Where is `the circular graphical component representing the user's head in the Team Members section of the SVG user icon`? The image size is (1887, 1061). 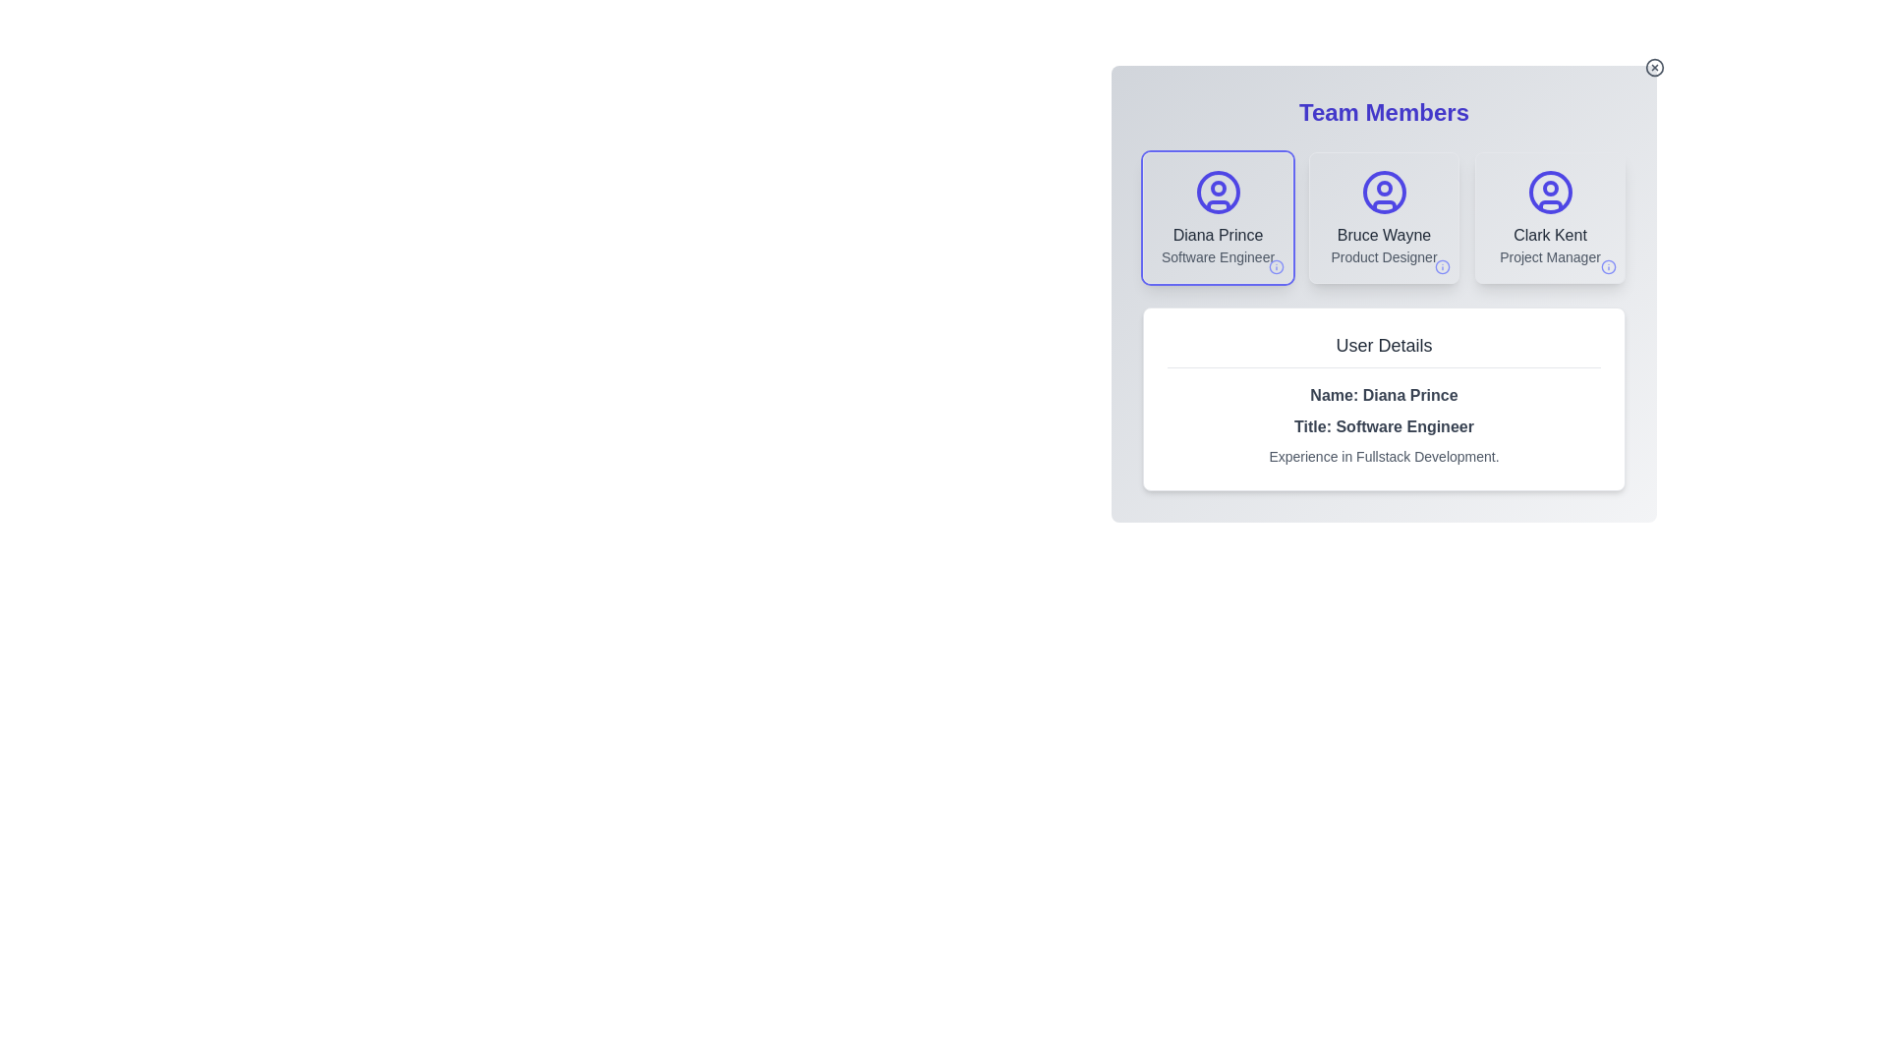 the circular graphical component representing the user's head in the Team Members section of the SVG user icon is located at coordinates (1217, 189).